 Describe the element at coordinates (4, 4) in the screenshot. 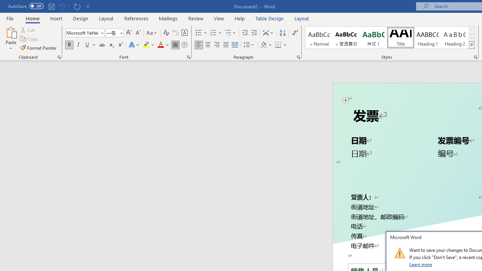

I see `'System'` at that location.